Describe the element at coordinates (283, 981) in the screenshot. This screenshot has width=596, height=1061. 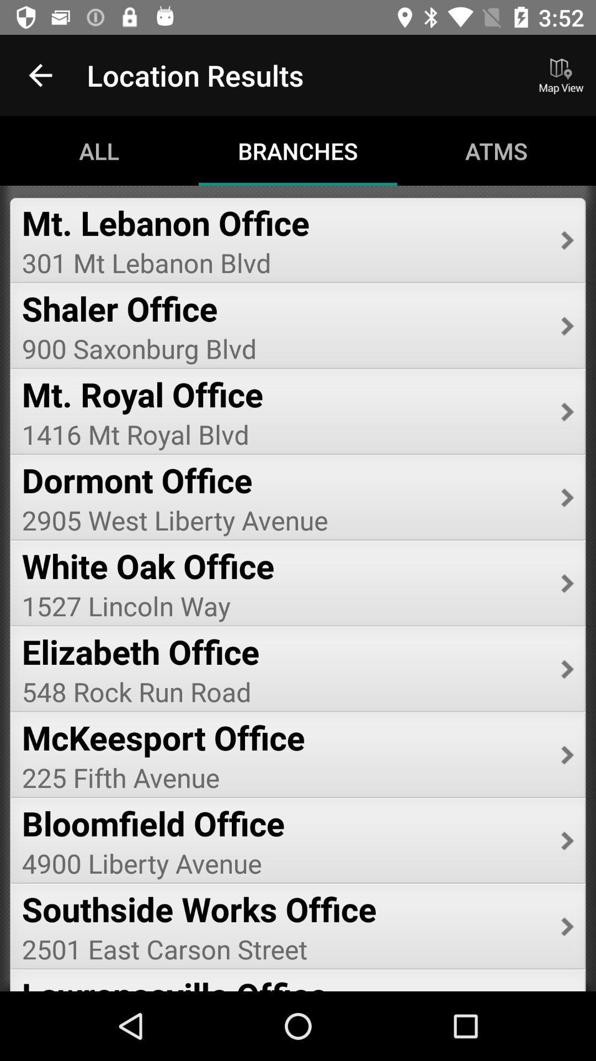
I see `lawrenceville office item` at that location.